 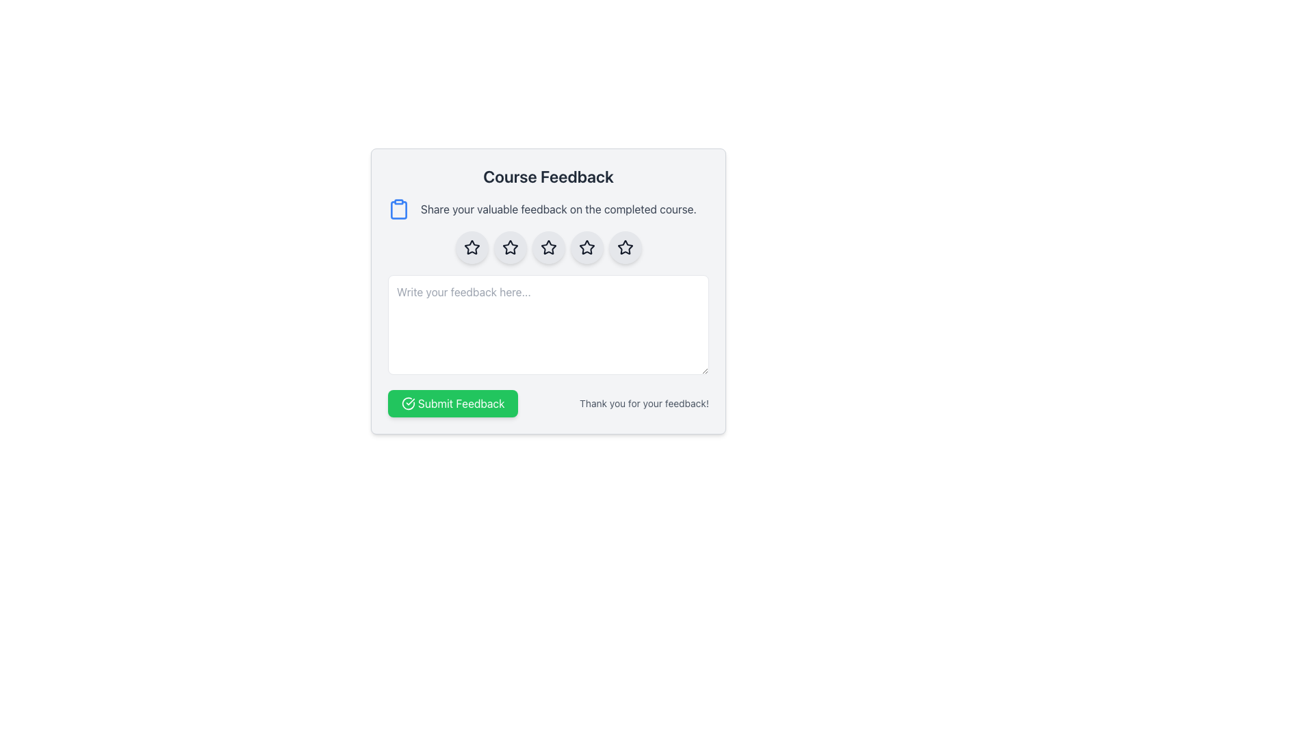 I want to click on the 'Submit Feedback' button with a green background and white text, so click(x=453, y=403).